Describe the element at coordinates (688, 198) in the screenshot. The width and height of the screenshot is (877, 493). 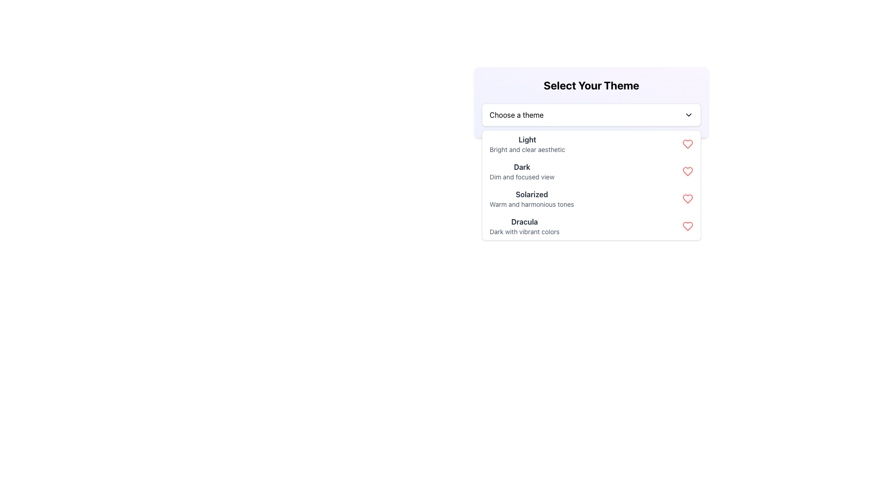
I see `the heart icon indicating the favorite state for the 'Solarized' theme option` at that location.